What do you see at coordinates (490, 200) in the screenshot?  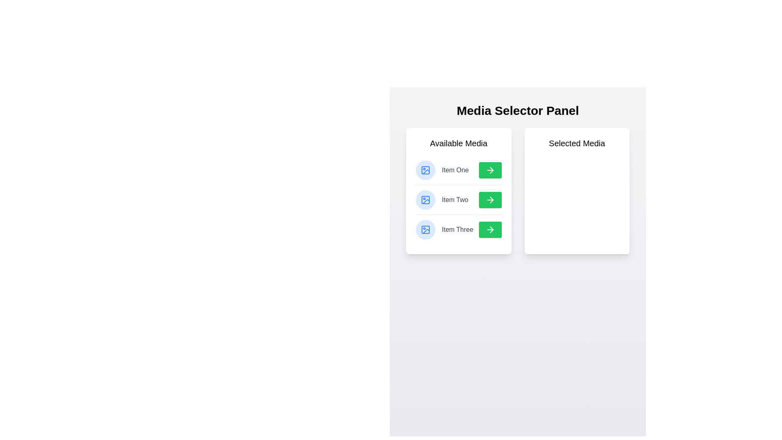 I see `the right-pointing arrow icon located in the center of the green button labeled 'Item Two' in the left panel of 'Available Media'` at bounding box center [490, 200].